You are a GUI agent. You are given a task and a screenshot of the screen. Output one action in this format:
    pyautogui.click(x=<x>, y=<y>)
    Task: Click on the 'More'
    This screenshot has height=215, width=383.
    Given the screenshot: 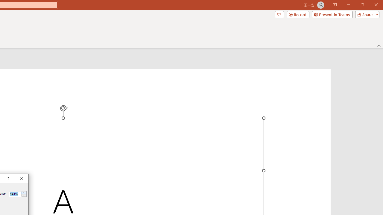 What is the action you would take?
    pyautogui.click(x=24, y=193)
    